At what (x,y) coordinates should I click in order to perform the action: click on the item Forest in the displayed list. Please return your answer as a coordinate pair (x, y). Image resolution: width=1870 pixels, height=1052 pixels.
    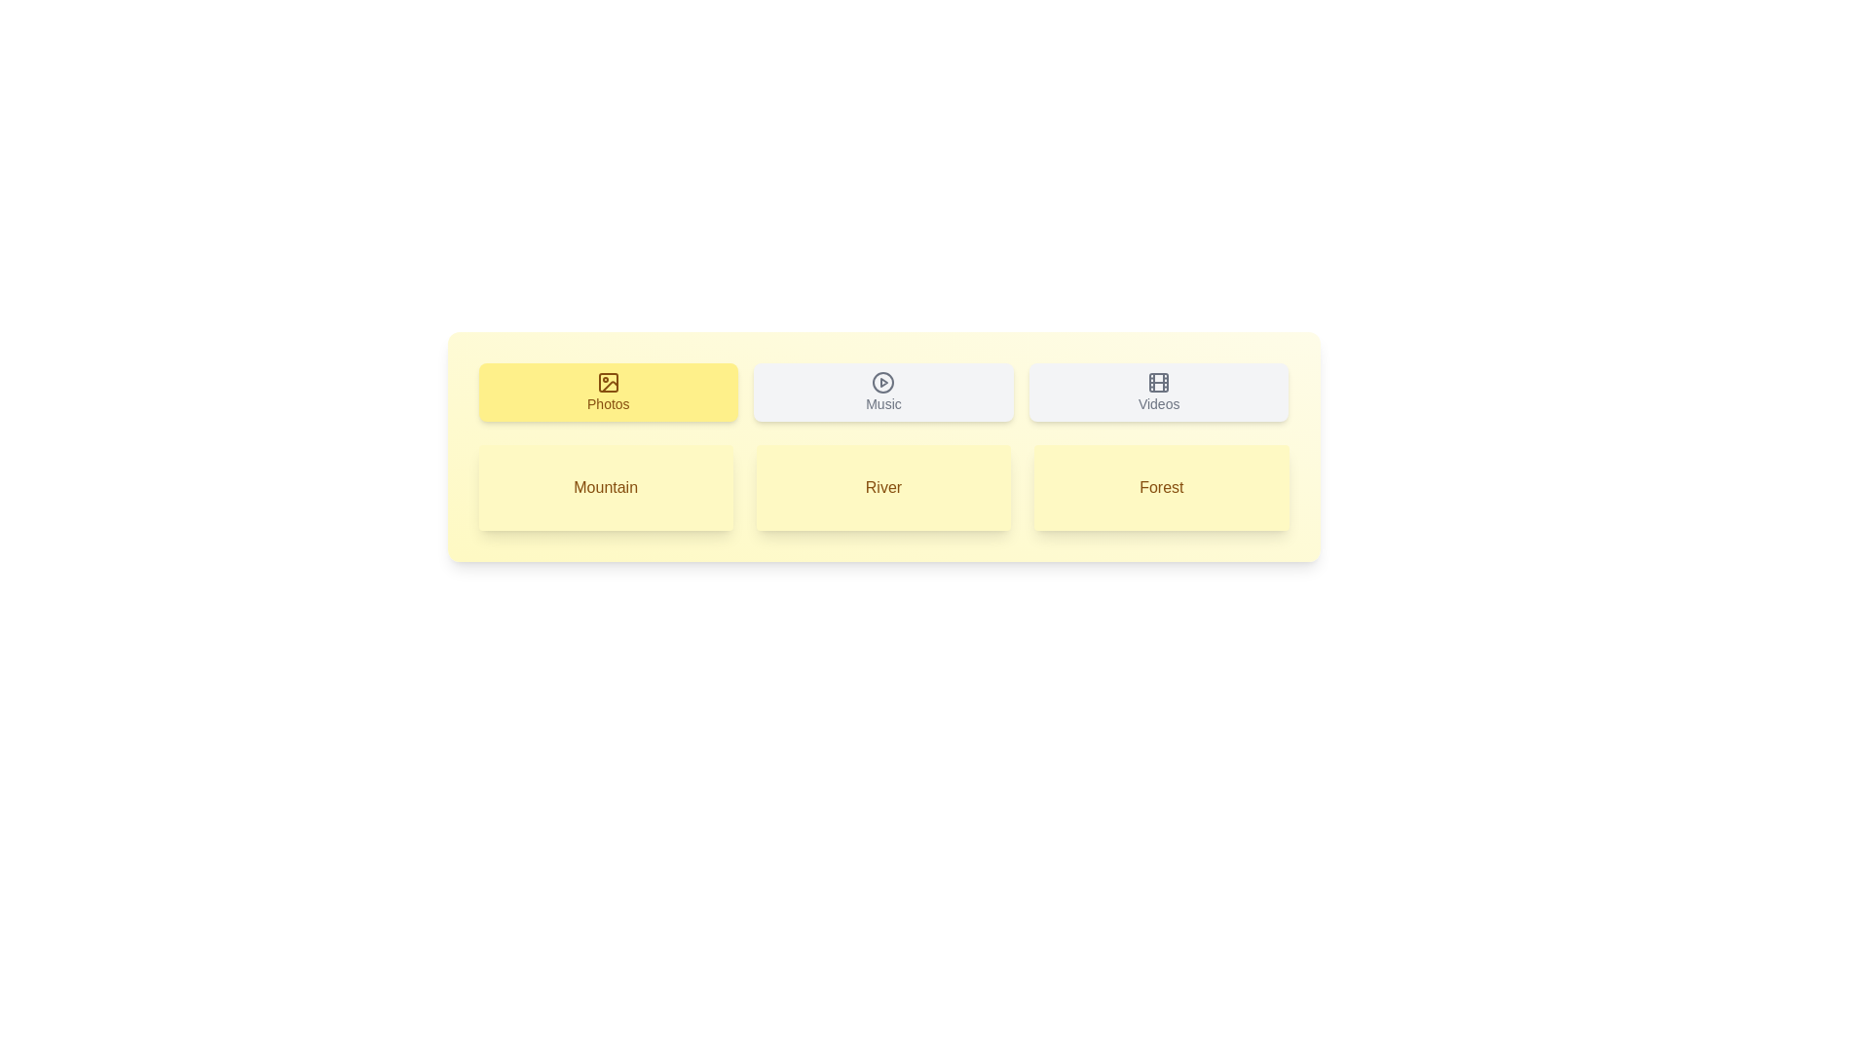
    Looking at the image, I should click on (1162, 487).